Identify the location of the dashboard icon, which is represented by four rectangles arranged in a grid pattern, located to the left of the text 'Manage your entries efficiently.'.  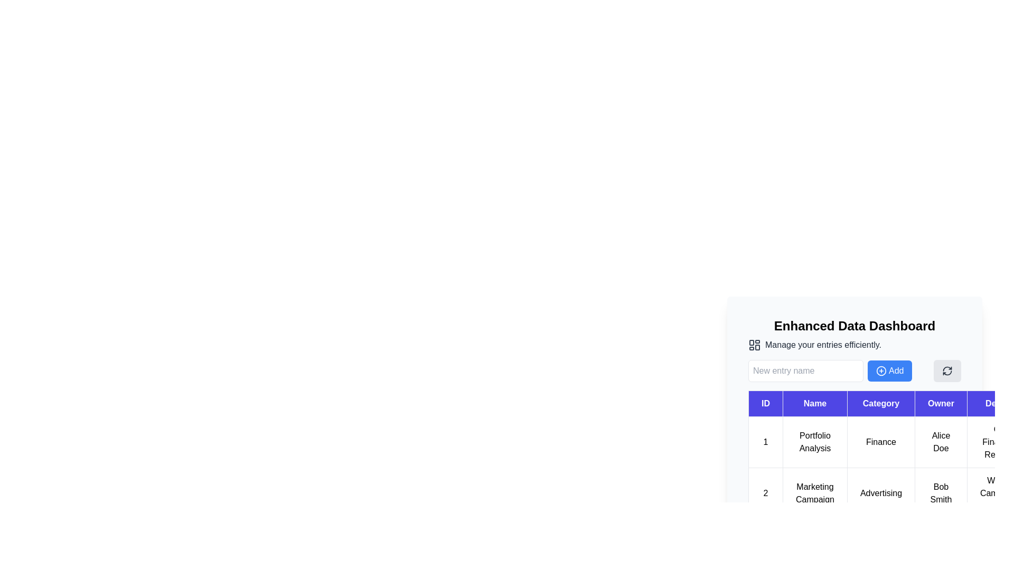
(754, 345).